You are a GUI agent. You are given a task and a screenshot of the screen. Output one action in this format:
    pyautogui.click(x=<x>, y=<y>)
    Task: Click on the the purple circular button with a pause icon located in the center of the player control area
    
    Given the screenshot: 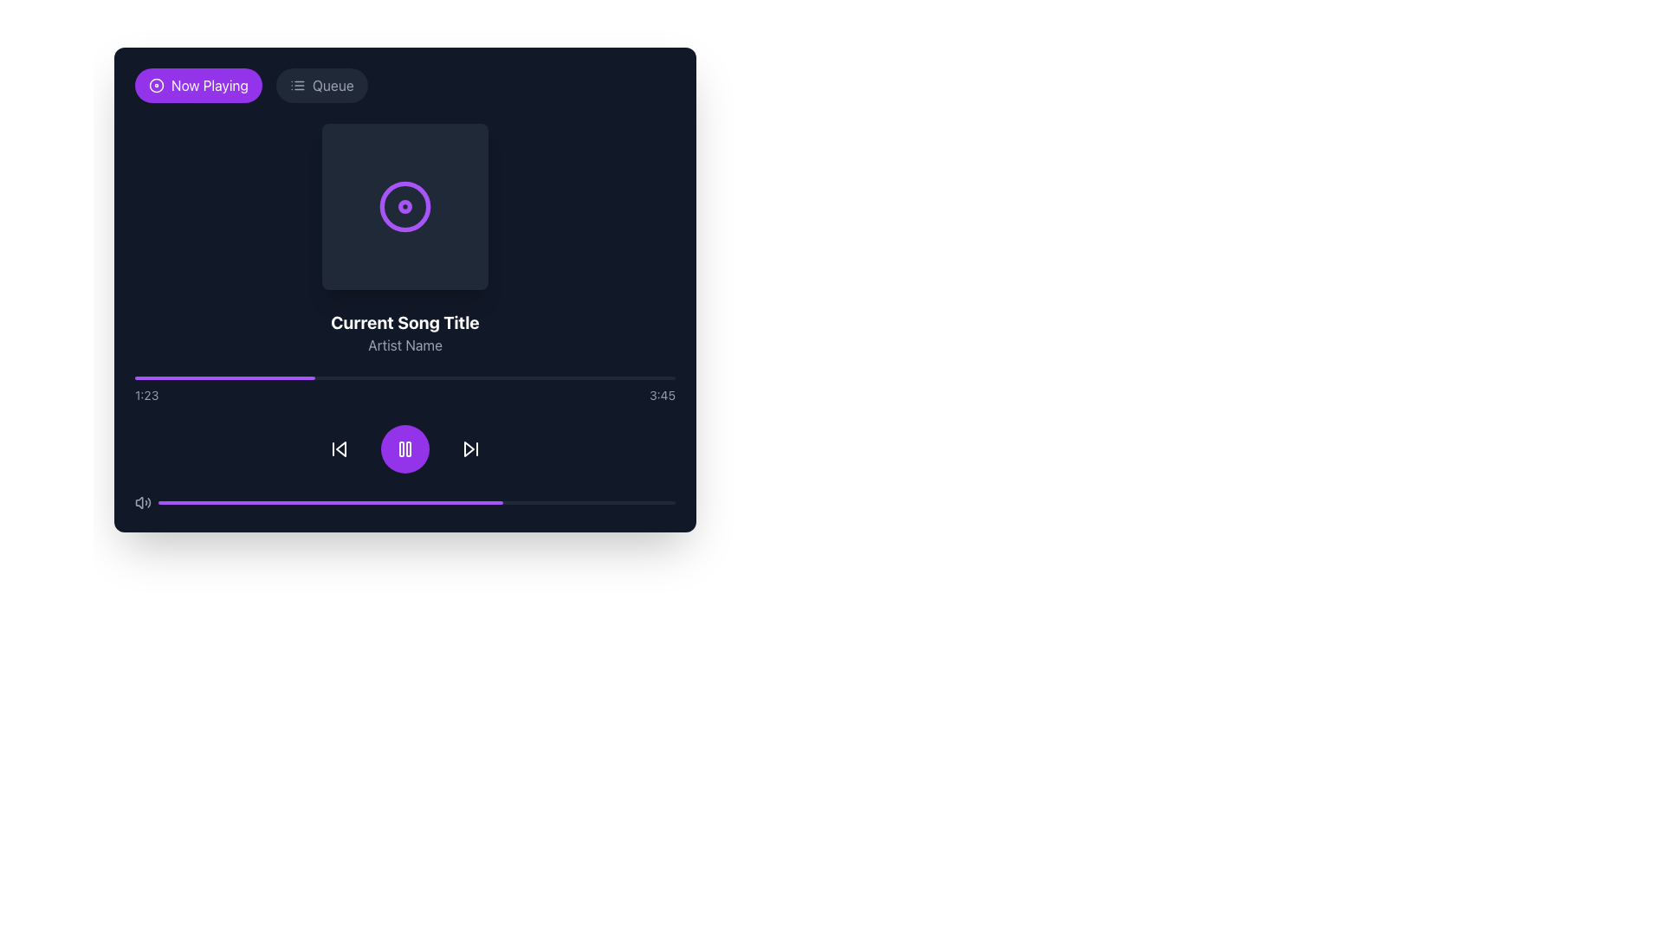 What is the action you would take?
    pyautogui.click(x=404, y=448)
    